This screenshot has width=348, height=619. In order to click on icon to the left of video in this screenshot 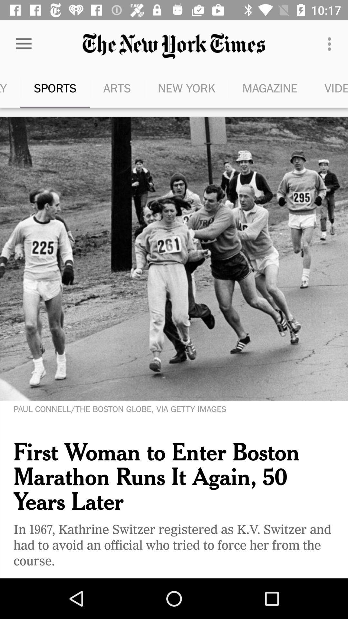, I will do `click(270, 88)`.